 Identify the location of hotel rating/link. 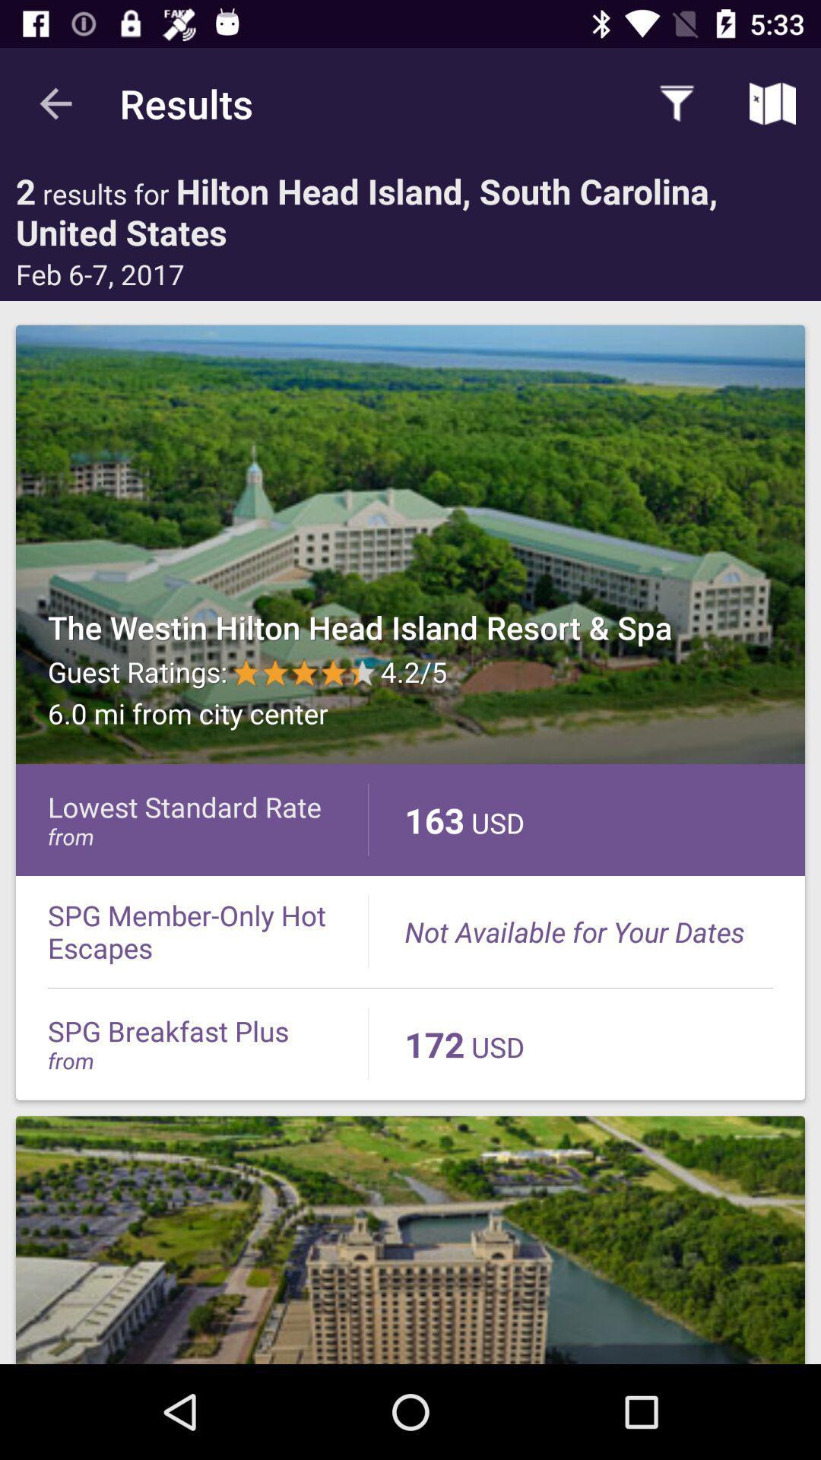
(410, 544).